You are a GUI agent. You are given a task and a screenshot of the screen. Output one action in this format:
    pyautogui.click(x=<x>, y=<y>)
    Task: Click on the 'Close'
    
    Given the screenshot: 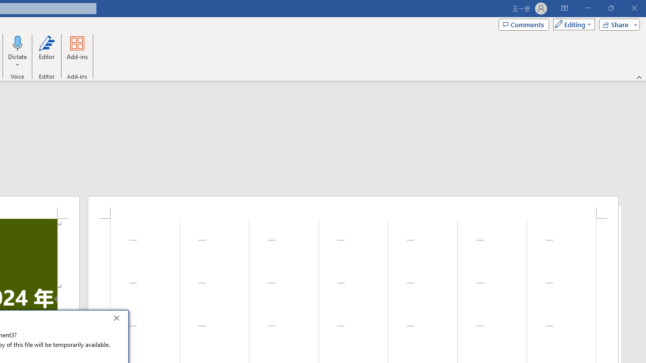 What is the action you would take?
    pyautogui.click(x=119, y=319)
    